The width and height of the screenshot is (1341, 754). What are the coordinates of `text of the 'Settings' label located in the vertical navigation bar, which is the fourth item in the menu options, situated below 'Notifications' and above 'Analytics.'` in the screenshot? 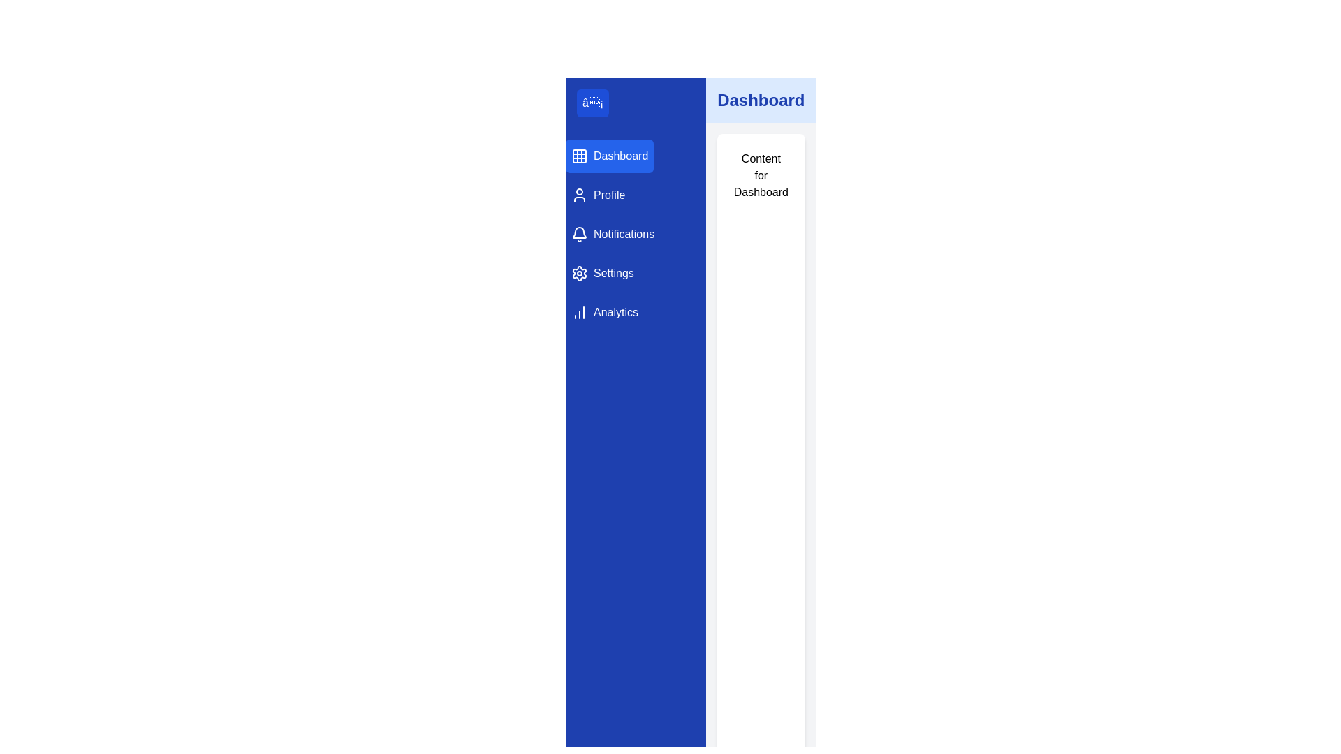 It's located at (613, 274).